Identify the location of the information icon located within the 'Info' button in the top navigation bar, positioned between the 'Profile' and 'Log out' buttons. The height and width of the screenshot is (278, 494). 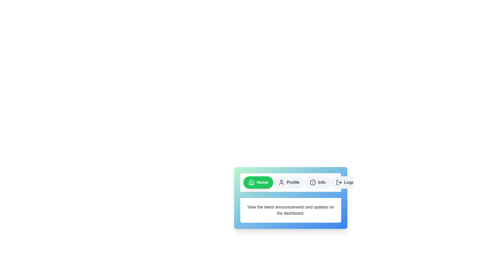
(313, 182).